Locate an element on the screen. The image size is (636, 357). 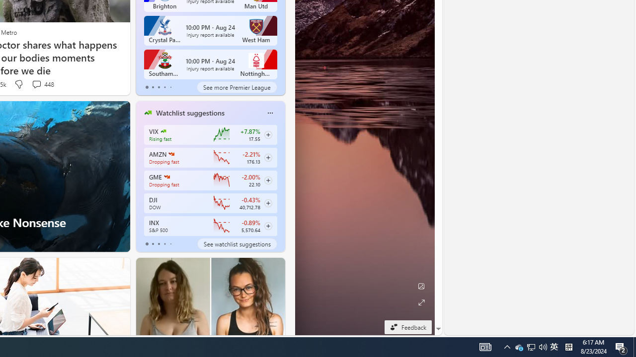
'See more Premier League' is located at coordinates (236, 87).